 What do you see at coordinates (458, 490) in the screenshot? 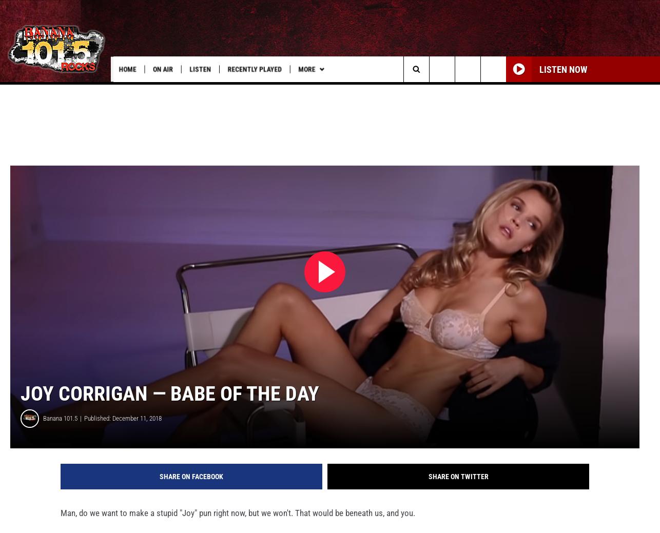
I see `'Share on Twitter'` at bounding box center [458, 490].